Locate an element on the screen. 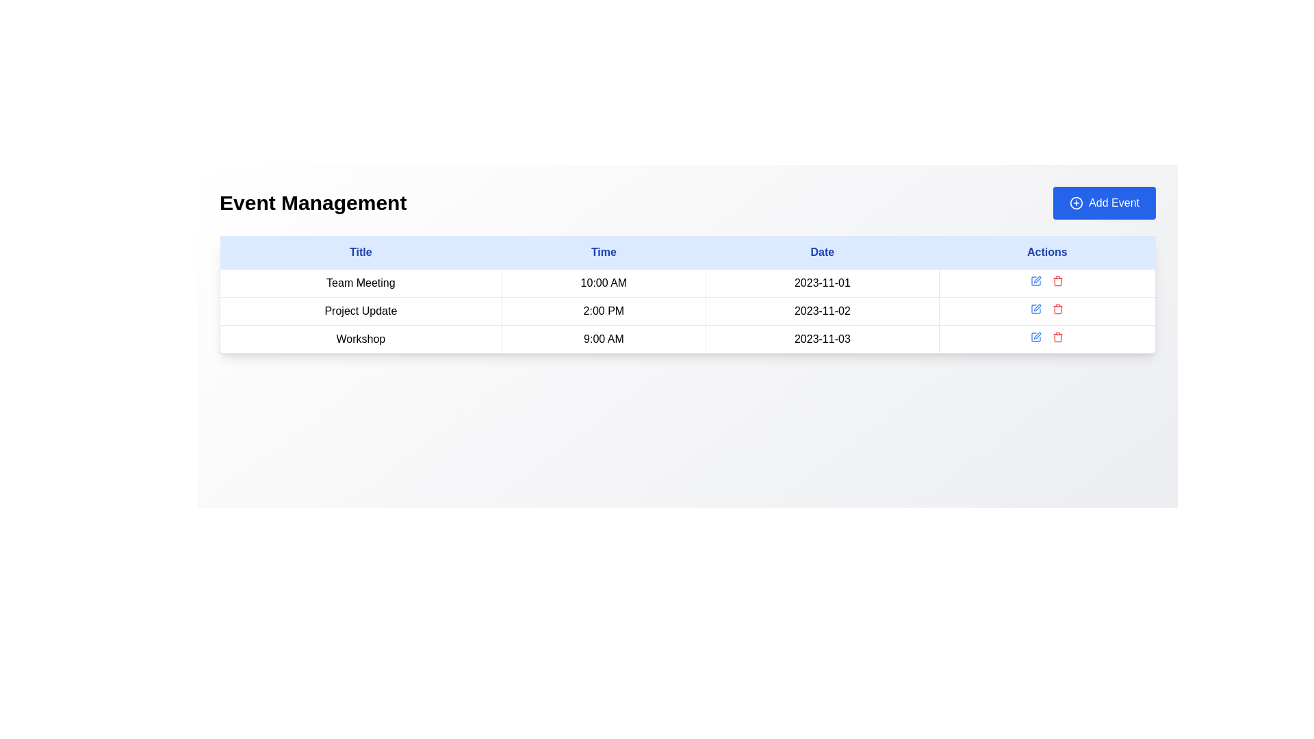 The image size is (1314, 739). the delete icon button located in the 'Actions' column of the third row in the table is located at coordinates (1057, 337).